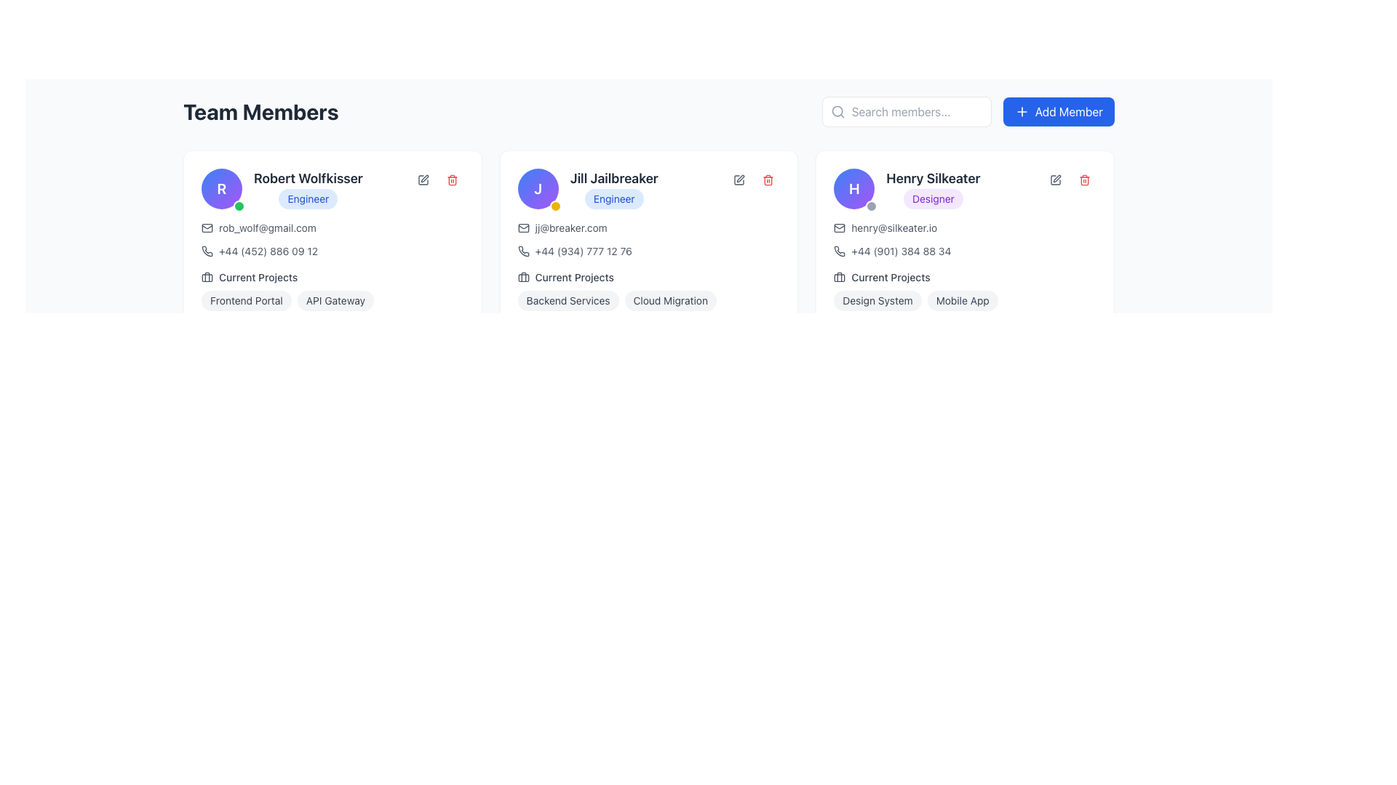  Describe the element at coordinates (422, 179) in the screenshot. I see `the square button with rounded corners and a pen icon inside, located in the top-right corner of the card labeled 'Robert Wolfkisser'` at that location.